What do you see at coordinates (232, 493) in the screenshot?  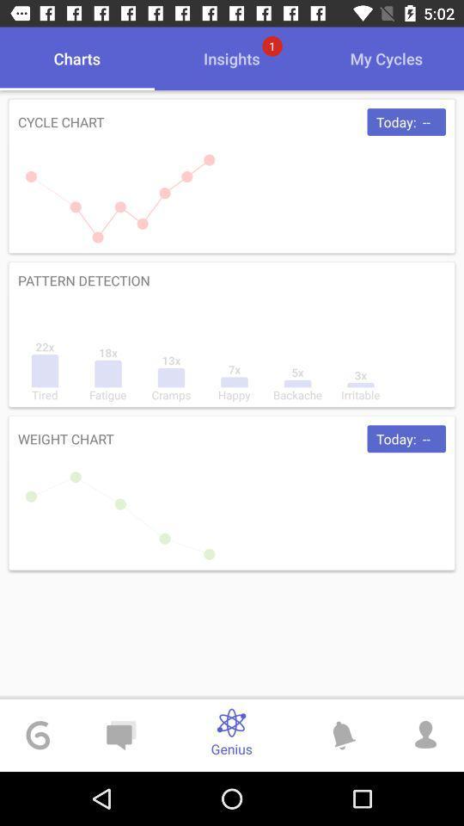 I see `weight chart option` at bounding box center [232, 493].